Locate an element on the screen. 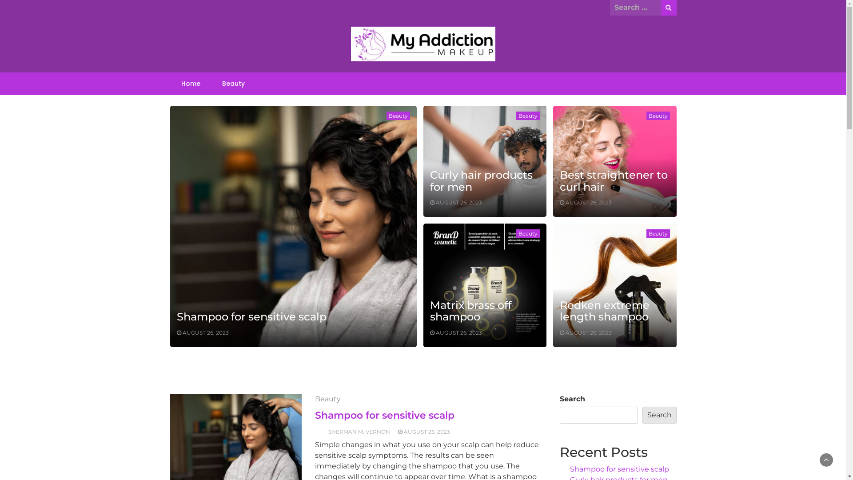 This screenshot has height=480, width=853. 'Best straightener to curl hair' is located at coordinates (613, 180).